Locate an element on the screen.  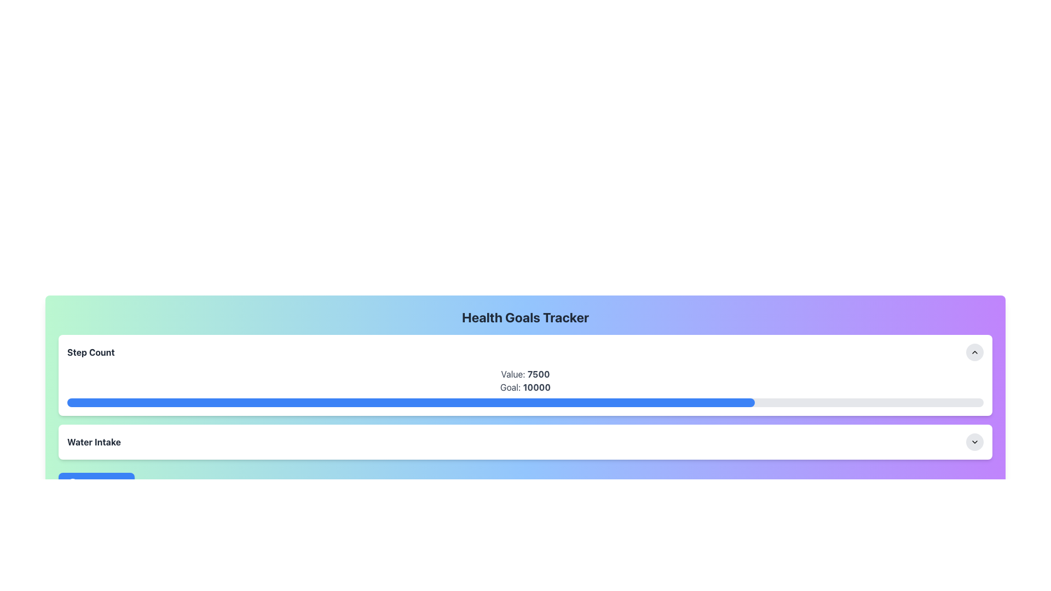
the 'Add Metric' button located at the bottom of the 'Health Goals Tracker' panel, just below the 'Water Intake' section is located at coordinates (96, 483).